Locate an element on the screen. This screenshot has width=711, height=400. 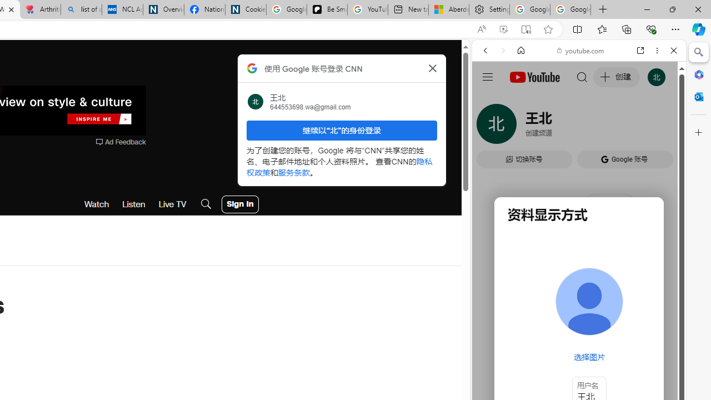
'youtube.com' is located at coordinates (580, 51).